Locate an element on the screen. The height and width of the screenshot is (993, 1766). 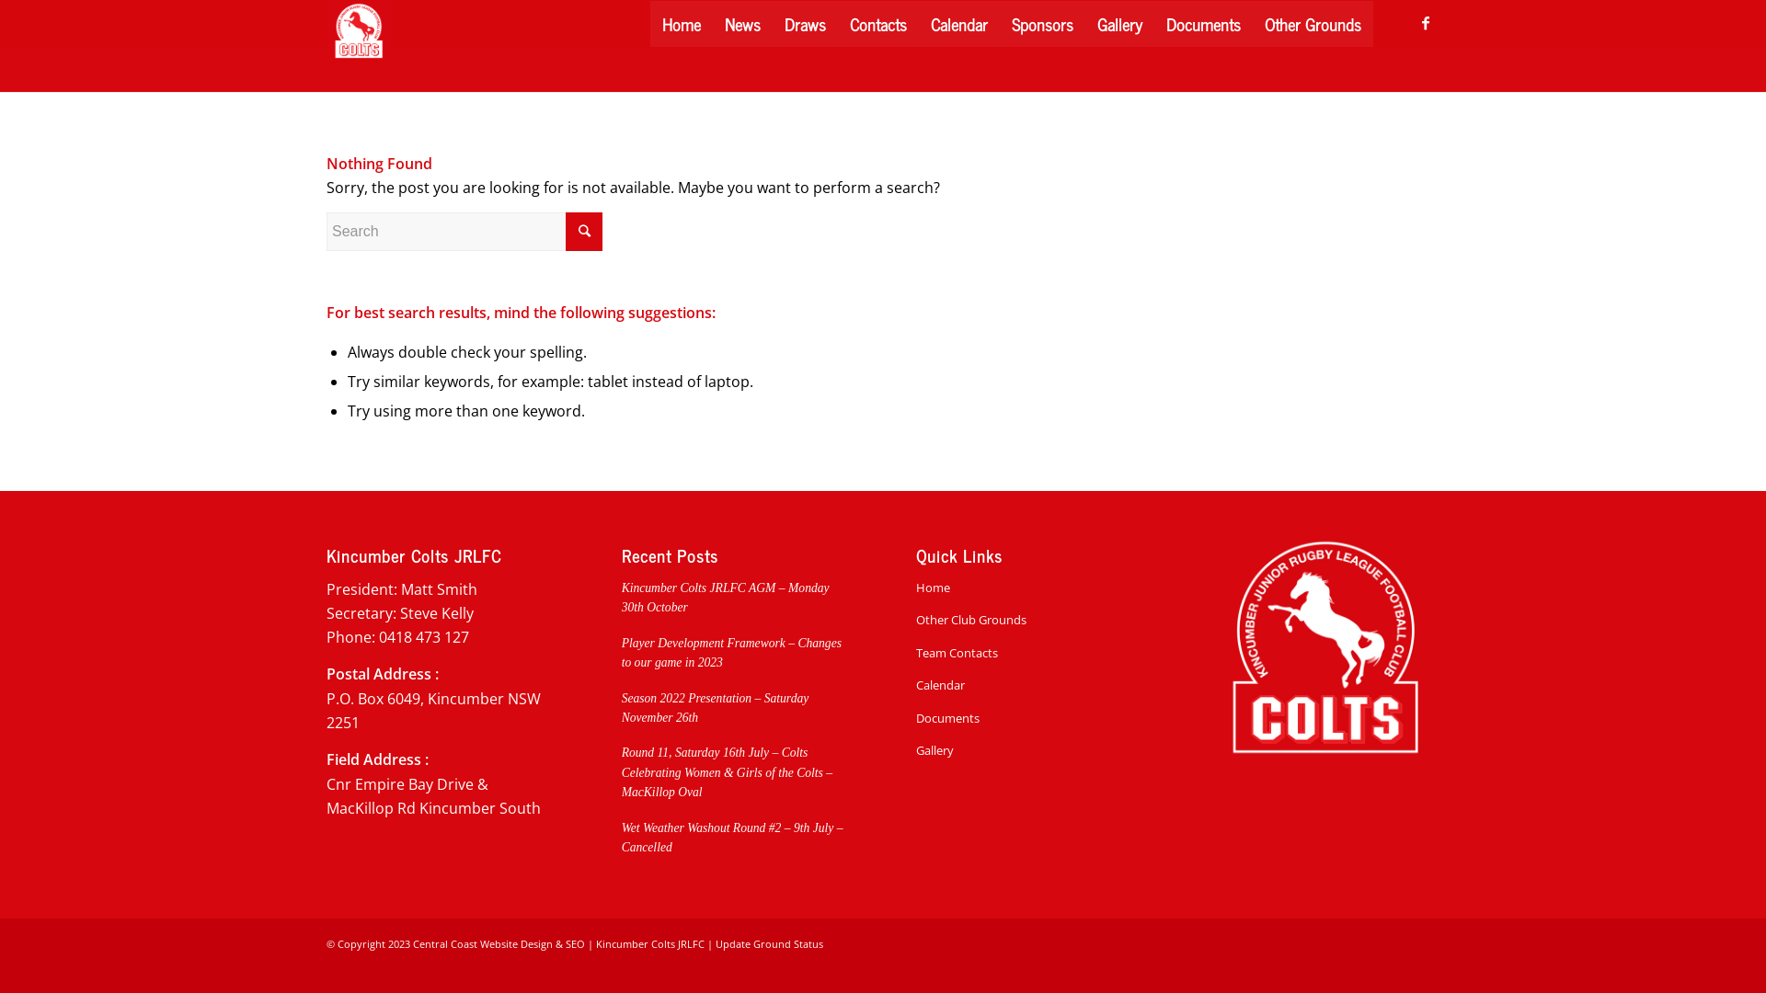
'Other Club Grounds' is located at coordinates (1028, 620).